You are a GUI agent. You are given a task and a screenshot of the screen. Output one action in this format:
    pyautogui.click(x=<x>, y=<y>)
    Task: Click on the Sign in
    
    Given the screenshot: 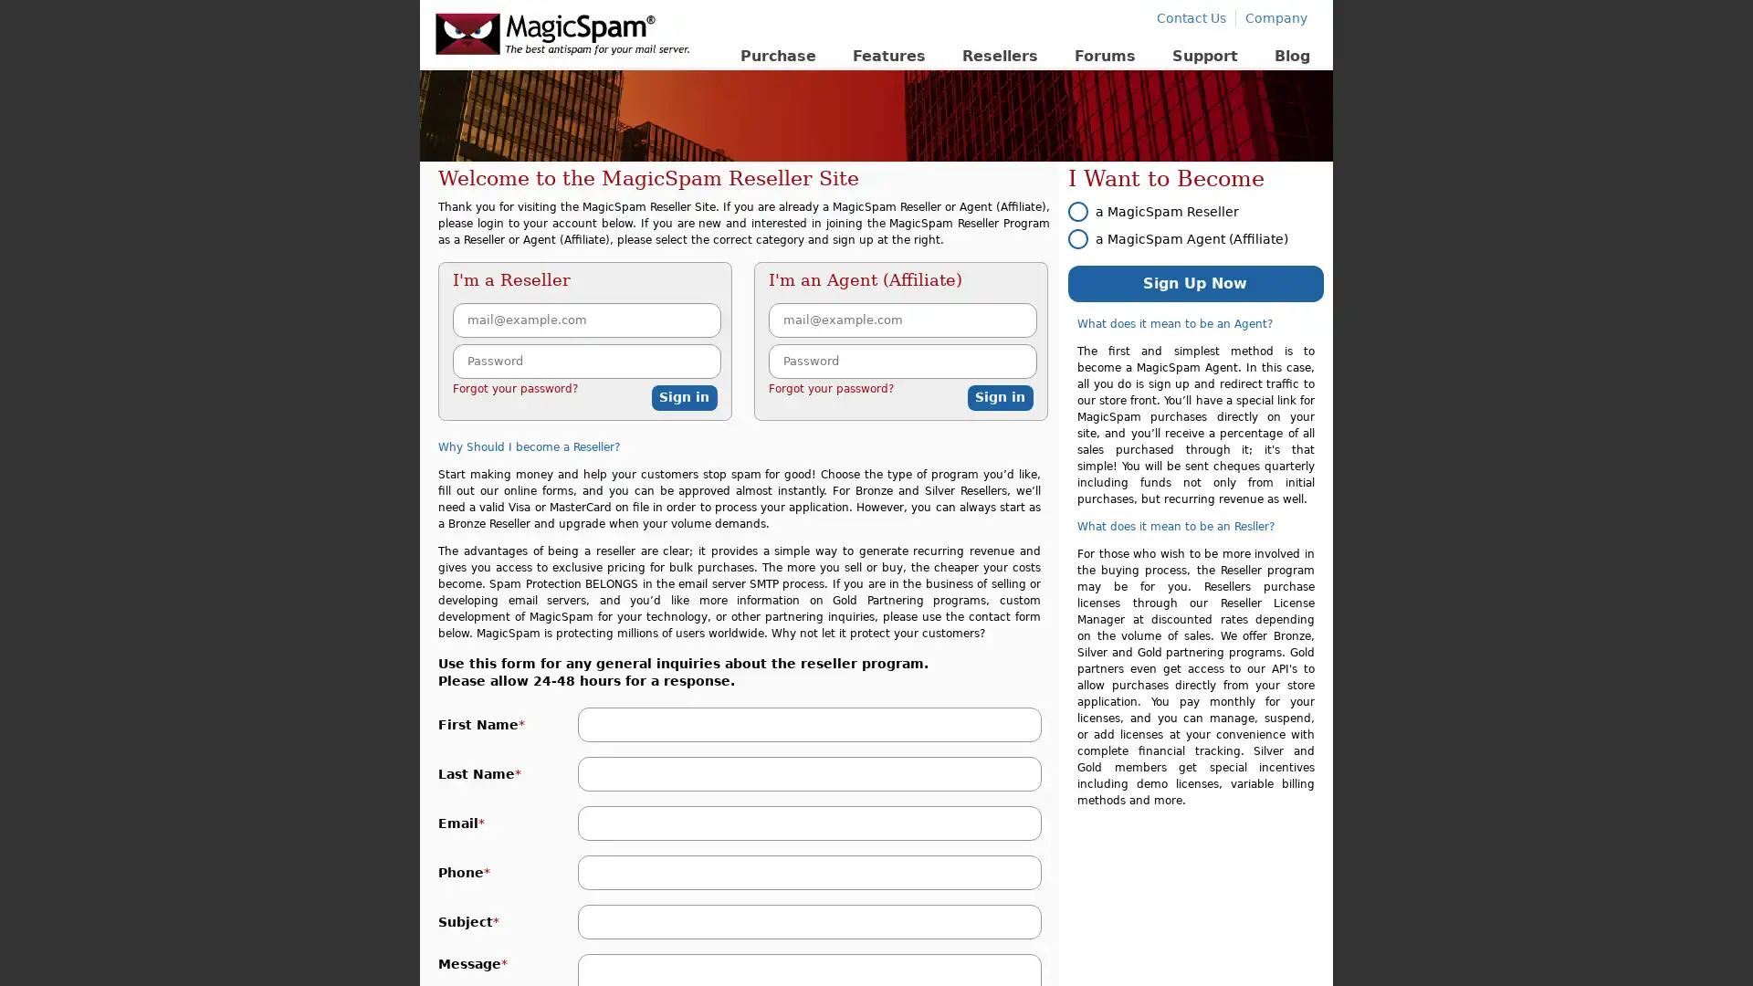 What is the action you would take?
    pyautogui.click(x=998, y=396)
    